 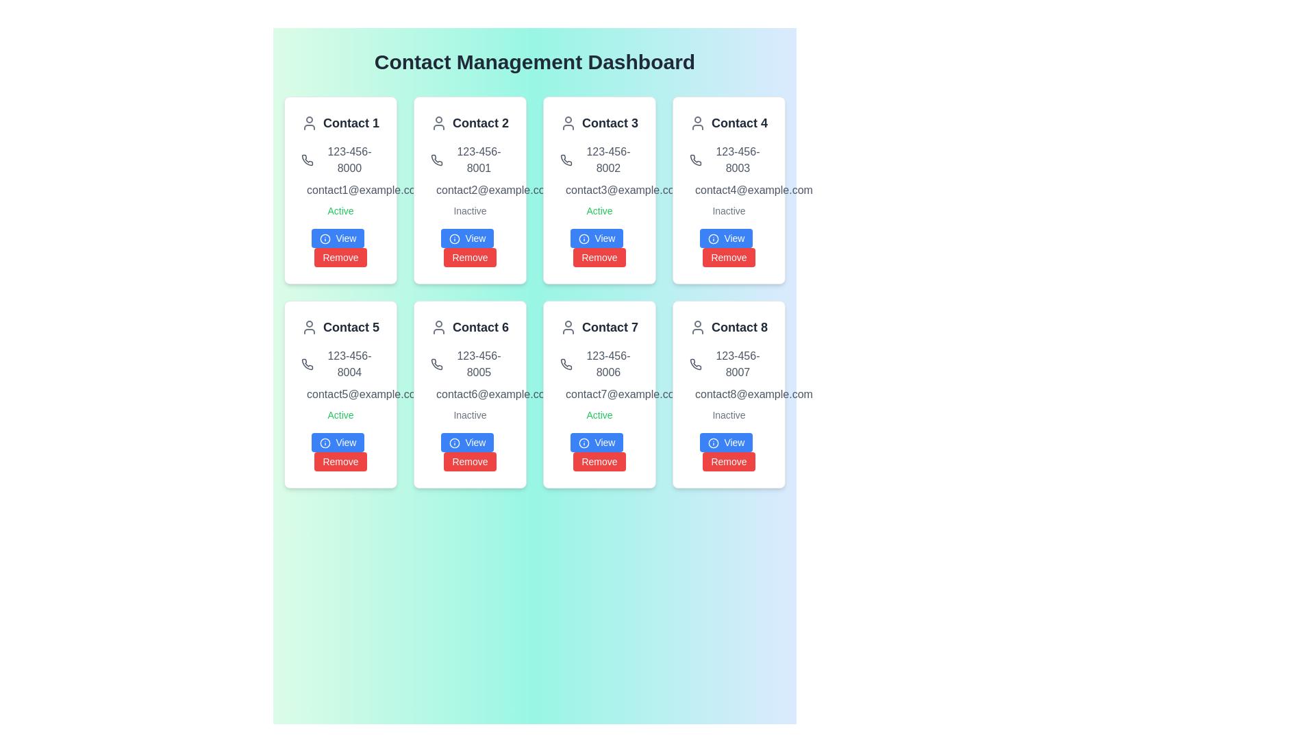 I want to click on the rectangle with rounded corners that forms part of the email symbol in the SVG icon above the text 'contact4@example.com' in the fourth contact card of the dashboard layout, so click(x=697, y=192).